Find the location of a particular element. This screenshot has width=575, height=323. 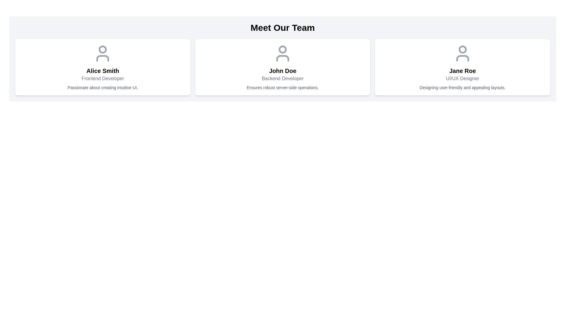

text content 'Passionate about creating intuitive UI.' located centrally beneath the label 'Frontend Developer' in the bottom section of the card for 'Alice Smith' is located at coordinates (103, 88).